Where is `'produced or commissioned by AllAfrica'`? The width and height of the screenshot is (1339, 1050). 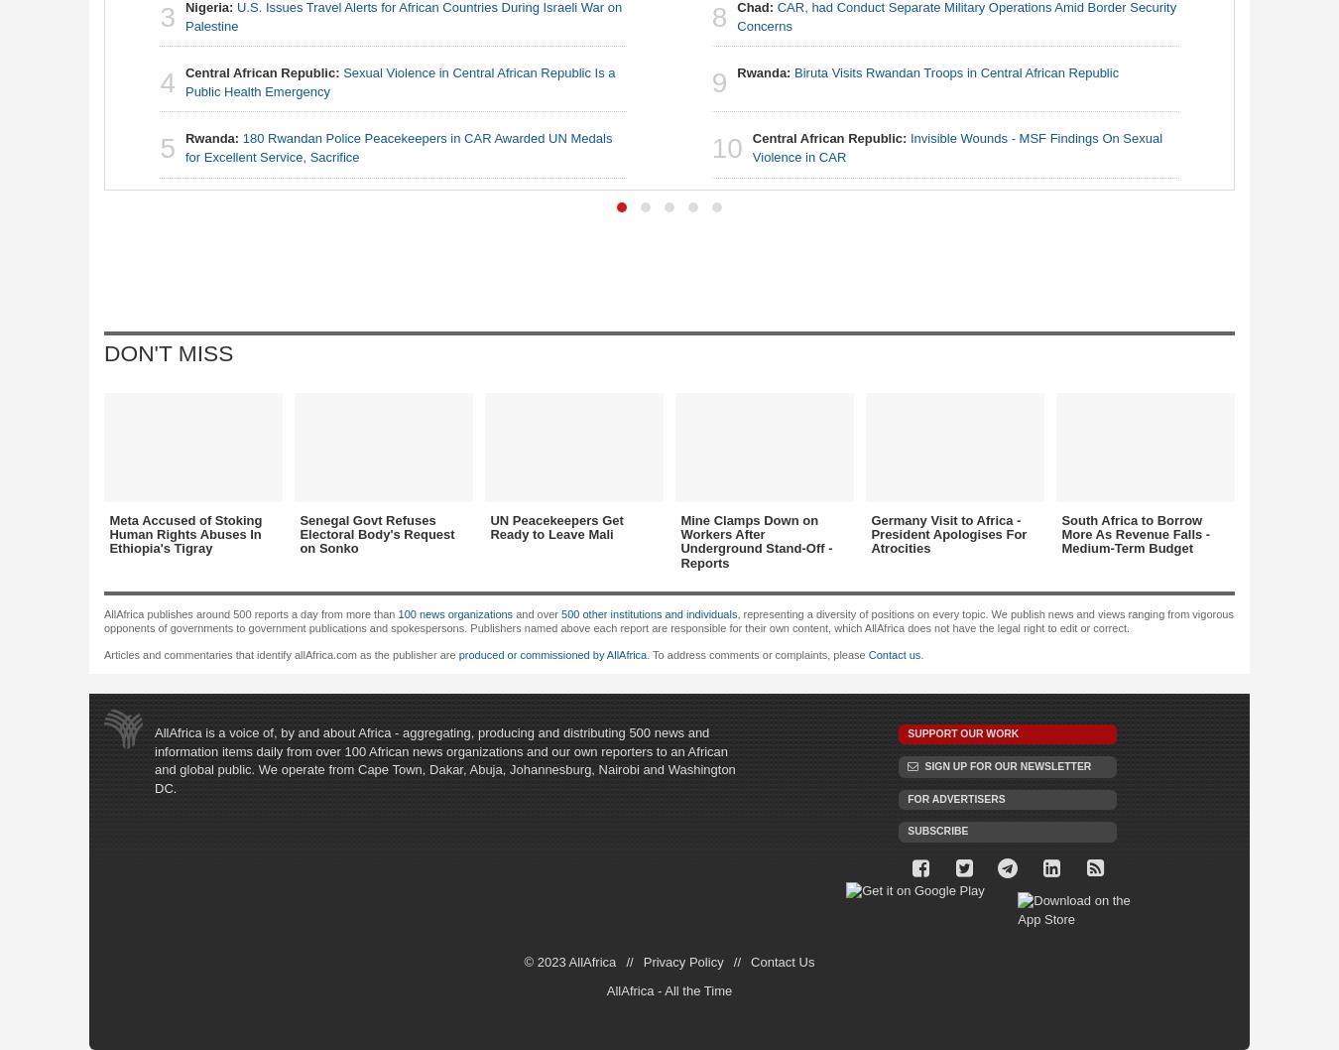 'produced or commissioned by AllAfrica' is located at coordinates (456, 653).